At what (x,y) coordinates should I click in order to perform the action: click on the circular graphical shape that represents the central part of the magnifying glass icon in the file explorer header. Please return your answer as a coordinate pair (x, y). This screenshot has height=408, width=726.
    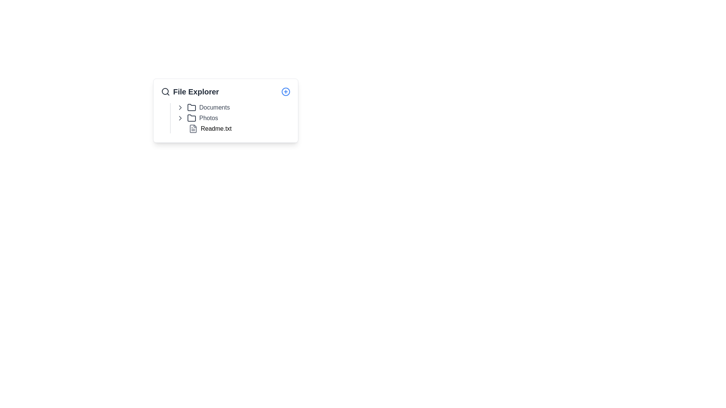
    Looking at the image, I should click on (164, 91).